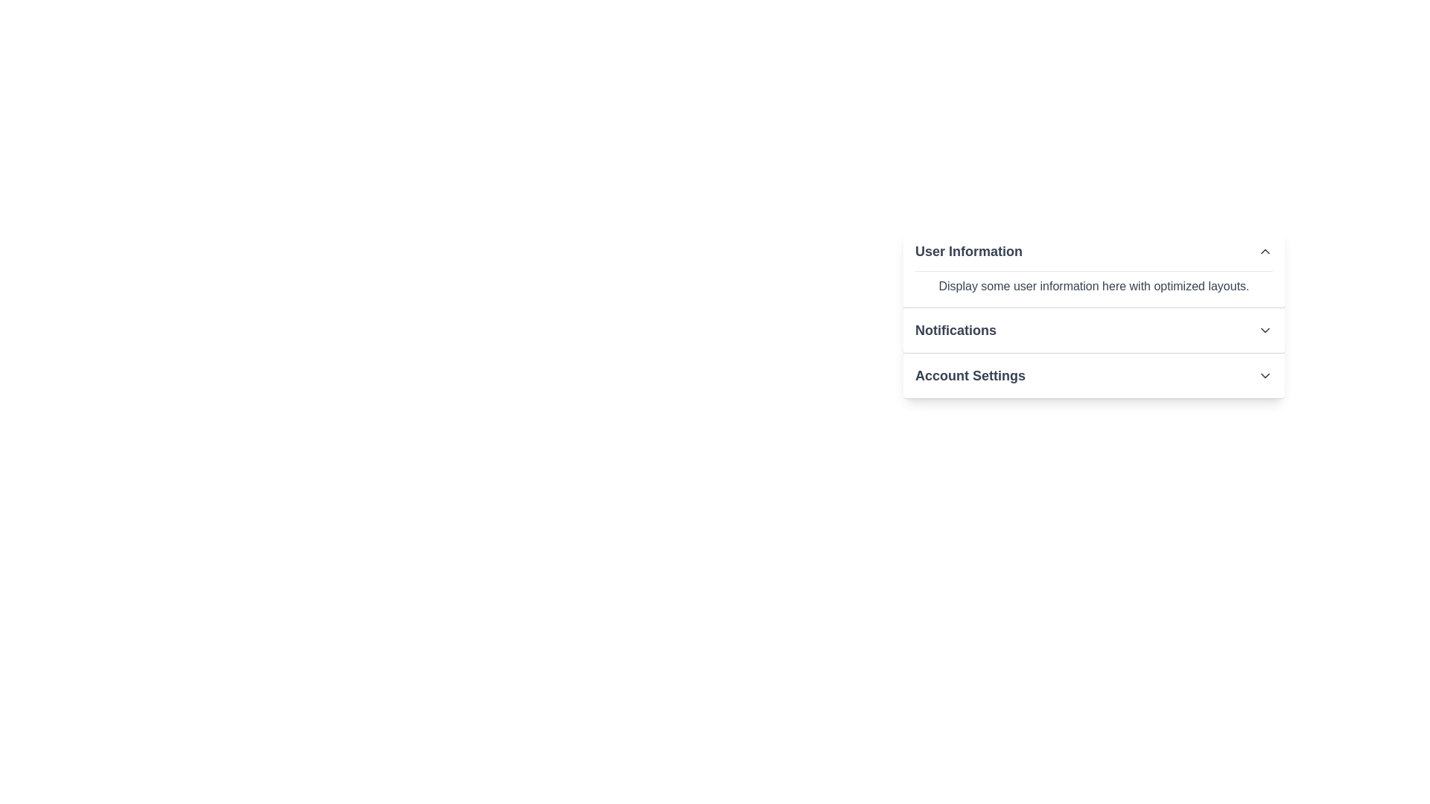  I want to click on the 'Account Settings' menu item located at the bottom of the interactive list, so click(1093, 375).